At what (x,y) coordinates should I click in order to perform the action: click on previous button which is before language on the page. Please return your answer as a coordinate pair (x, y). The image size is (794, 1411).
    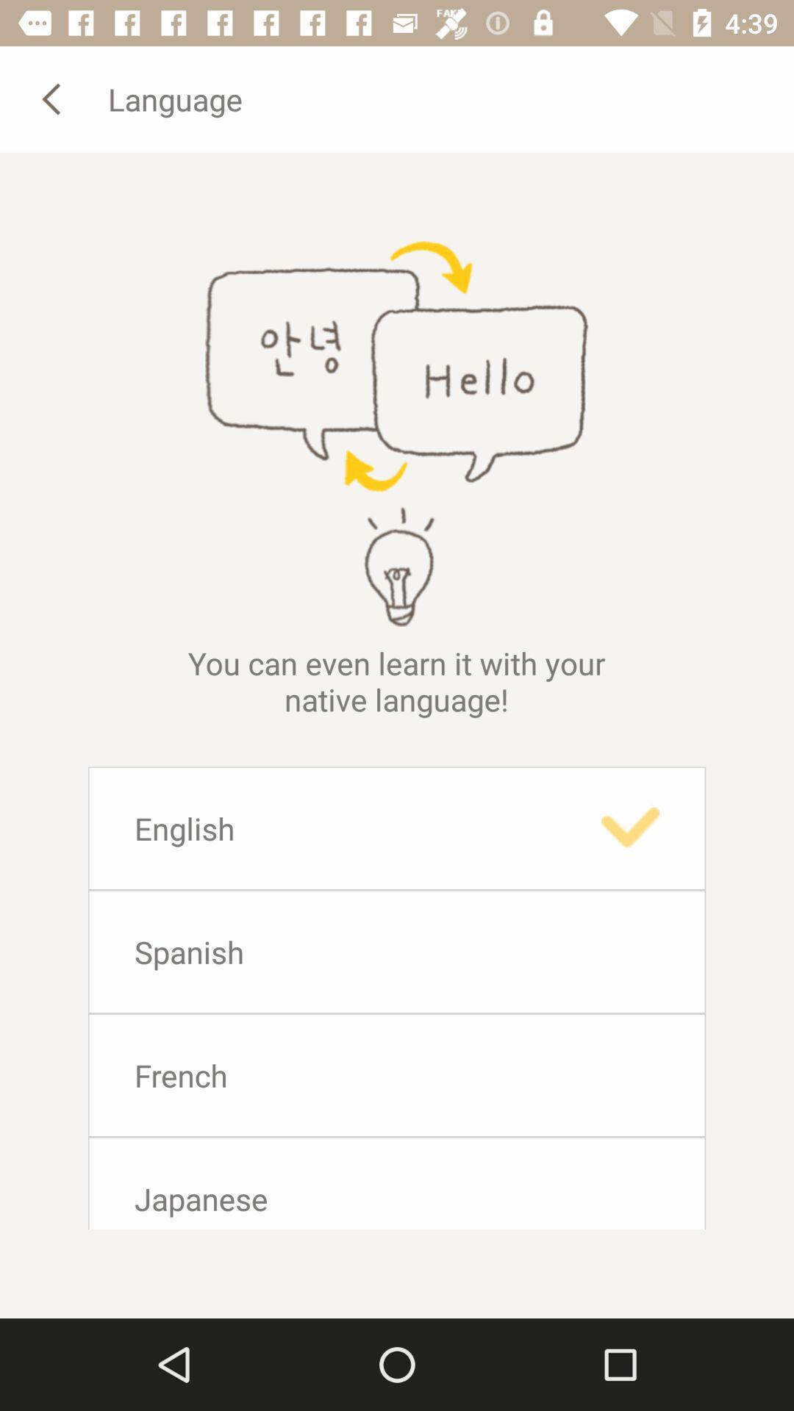
    Looking at the image, I should click on (53, 98).